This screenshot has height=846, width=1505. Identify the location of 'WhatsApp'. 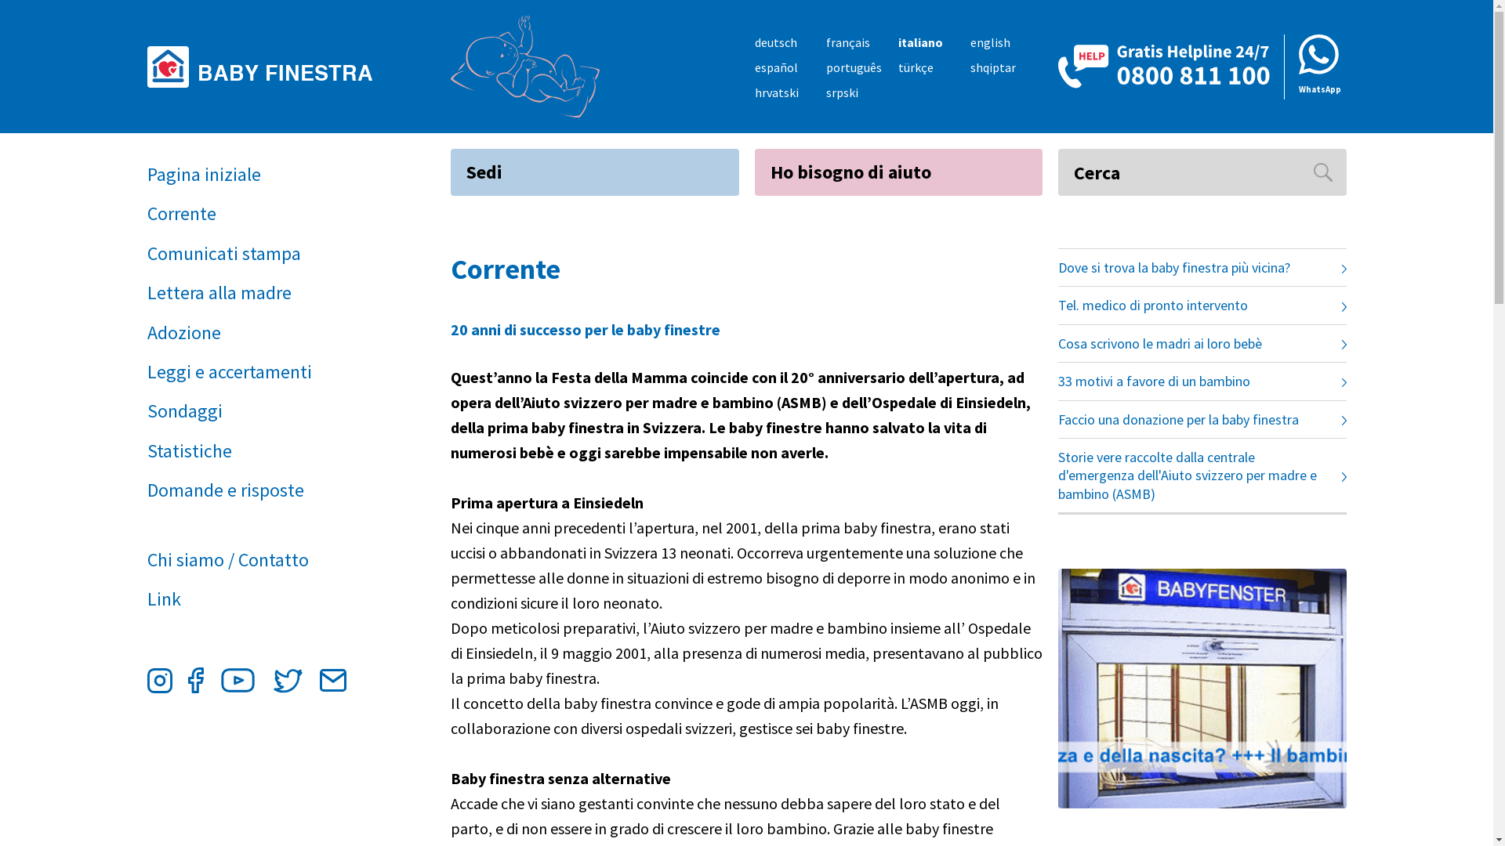
(1315, 66).